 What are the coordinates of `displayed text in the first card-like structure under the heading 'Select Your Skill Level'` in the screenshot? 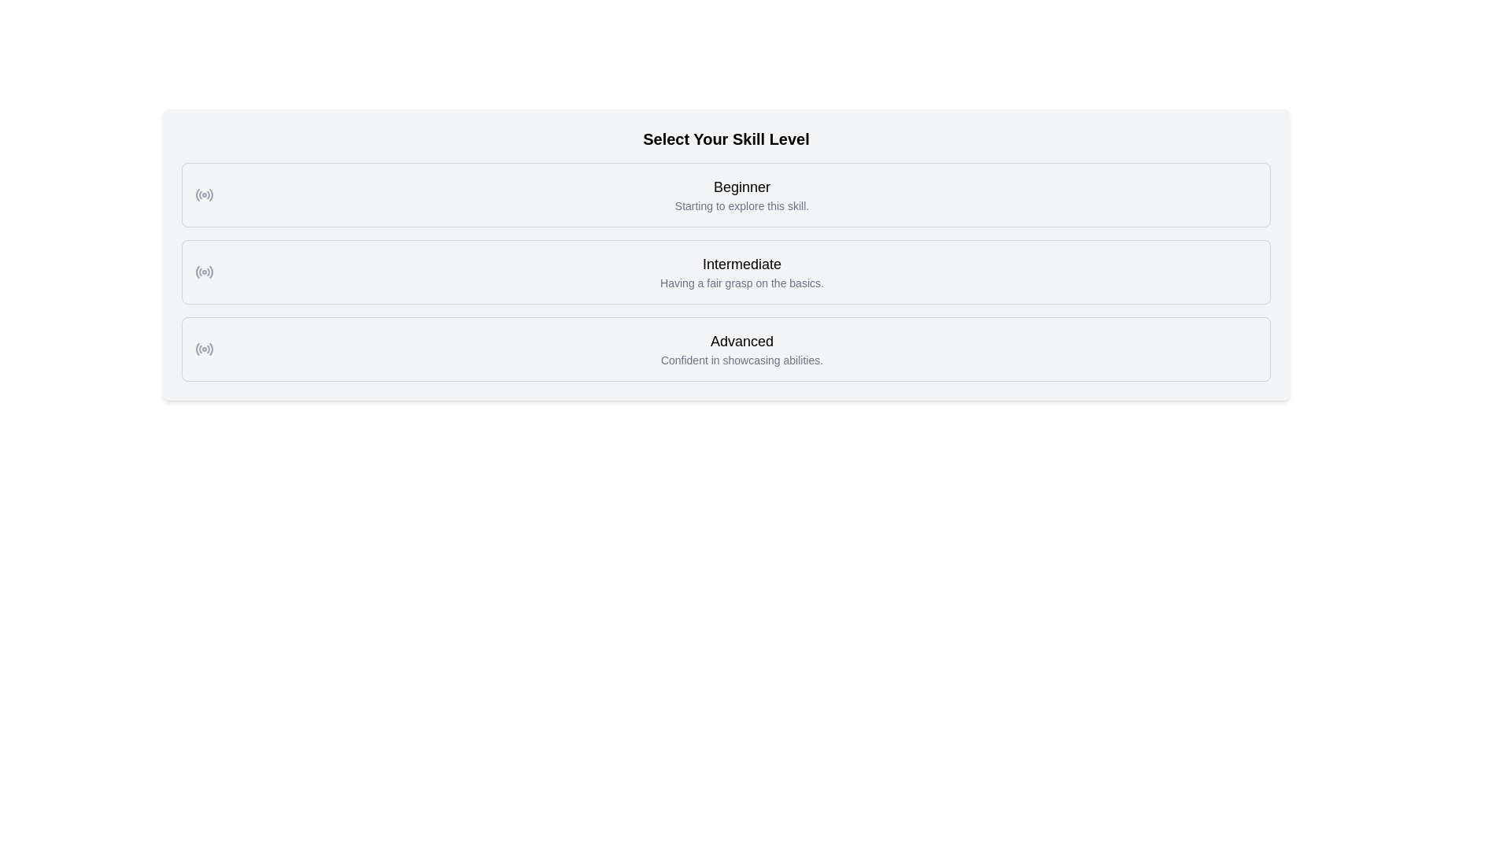 It's located at (741, 194).